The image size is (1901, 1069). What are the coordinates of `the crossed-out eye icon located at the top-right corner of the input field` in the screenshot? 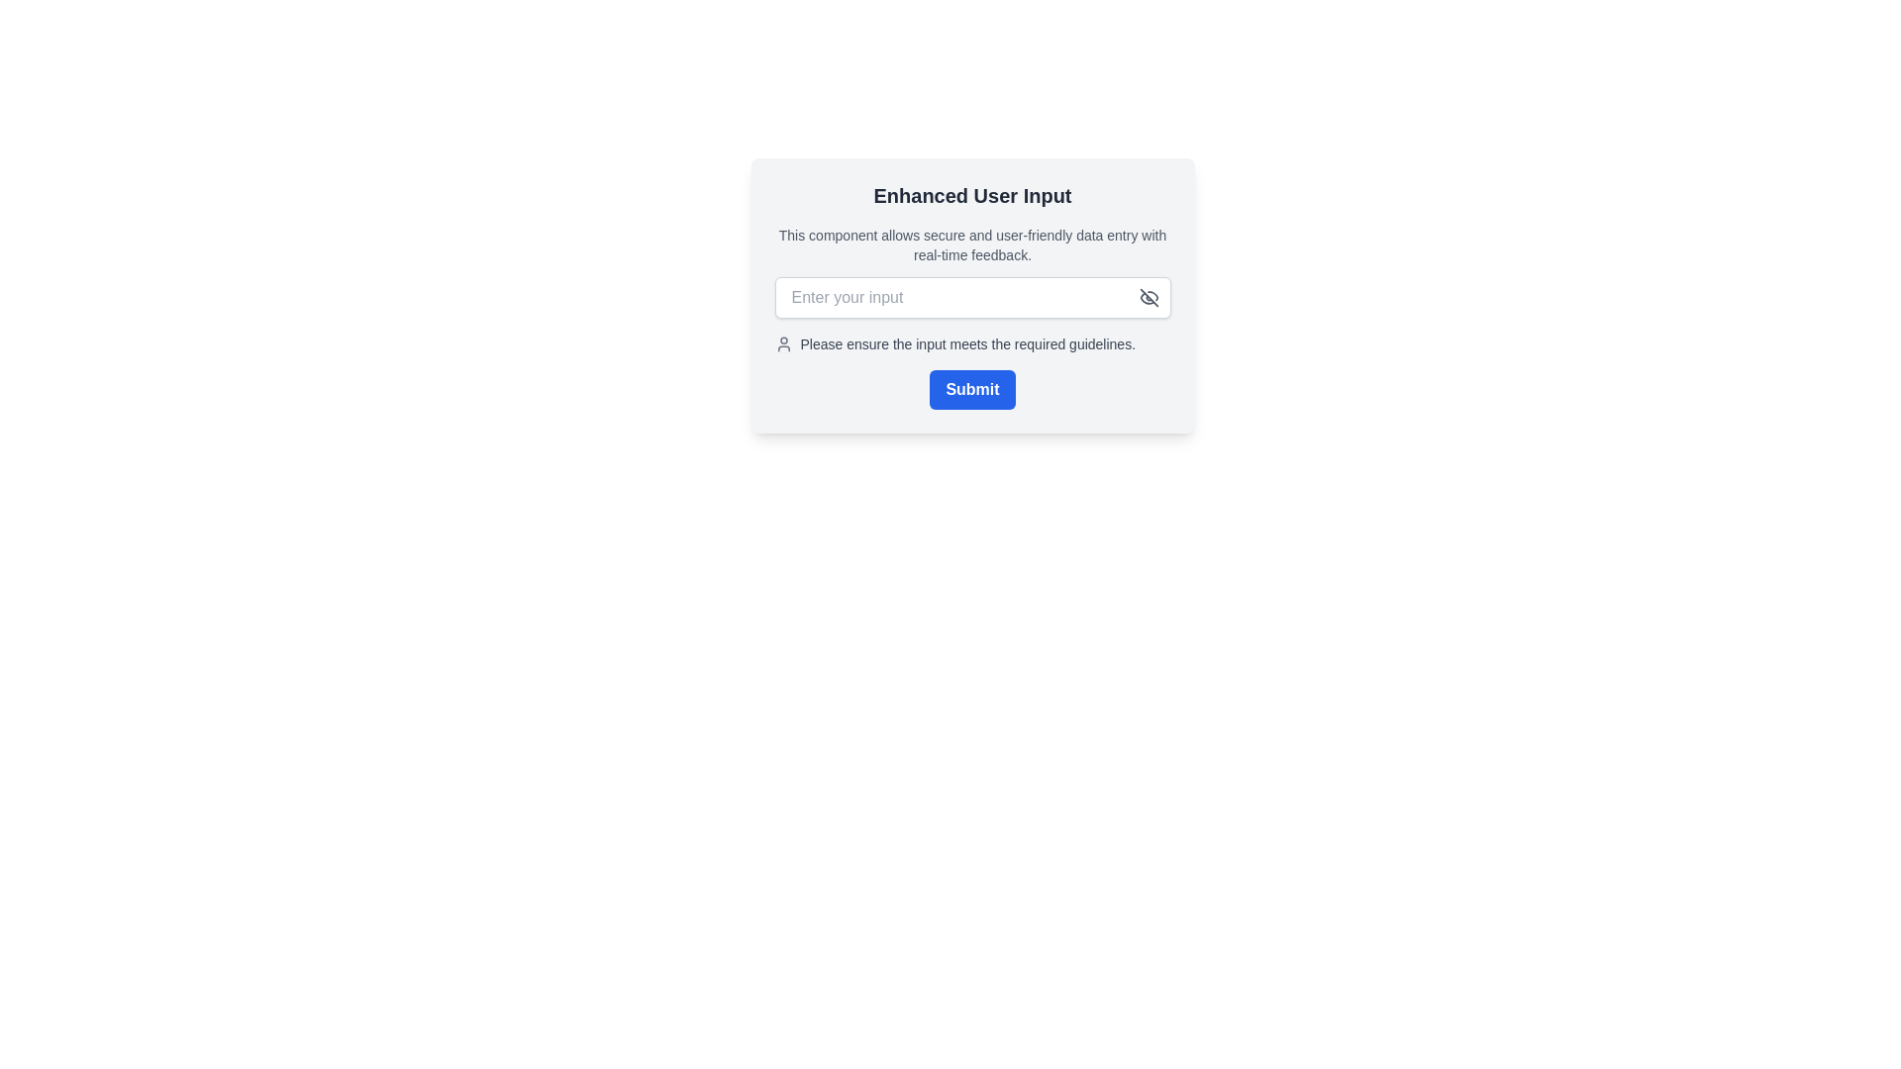 It's located at (1149, 297).